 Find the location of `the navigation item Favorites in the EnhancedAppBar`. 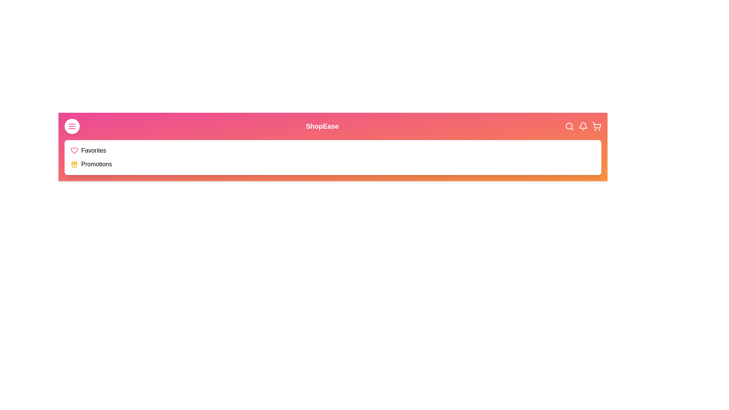

the navigation item Favorites in the EnhancedAppBar is located at coordinates (93, 151).